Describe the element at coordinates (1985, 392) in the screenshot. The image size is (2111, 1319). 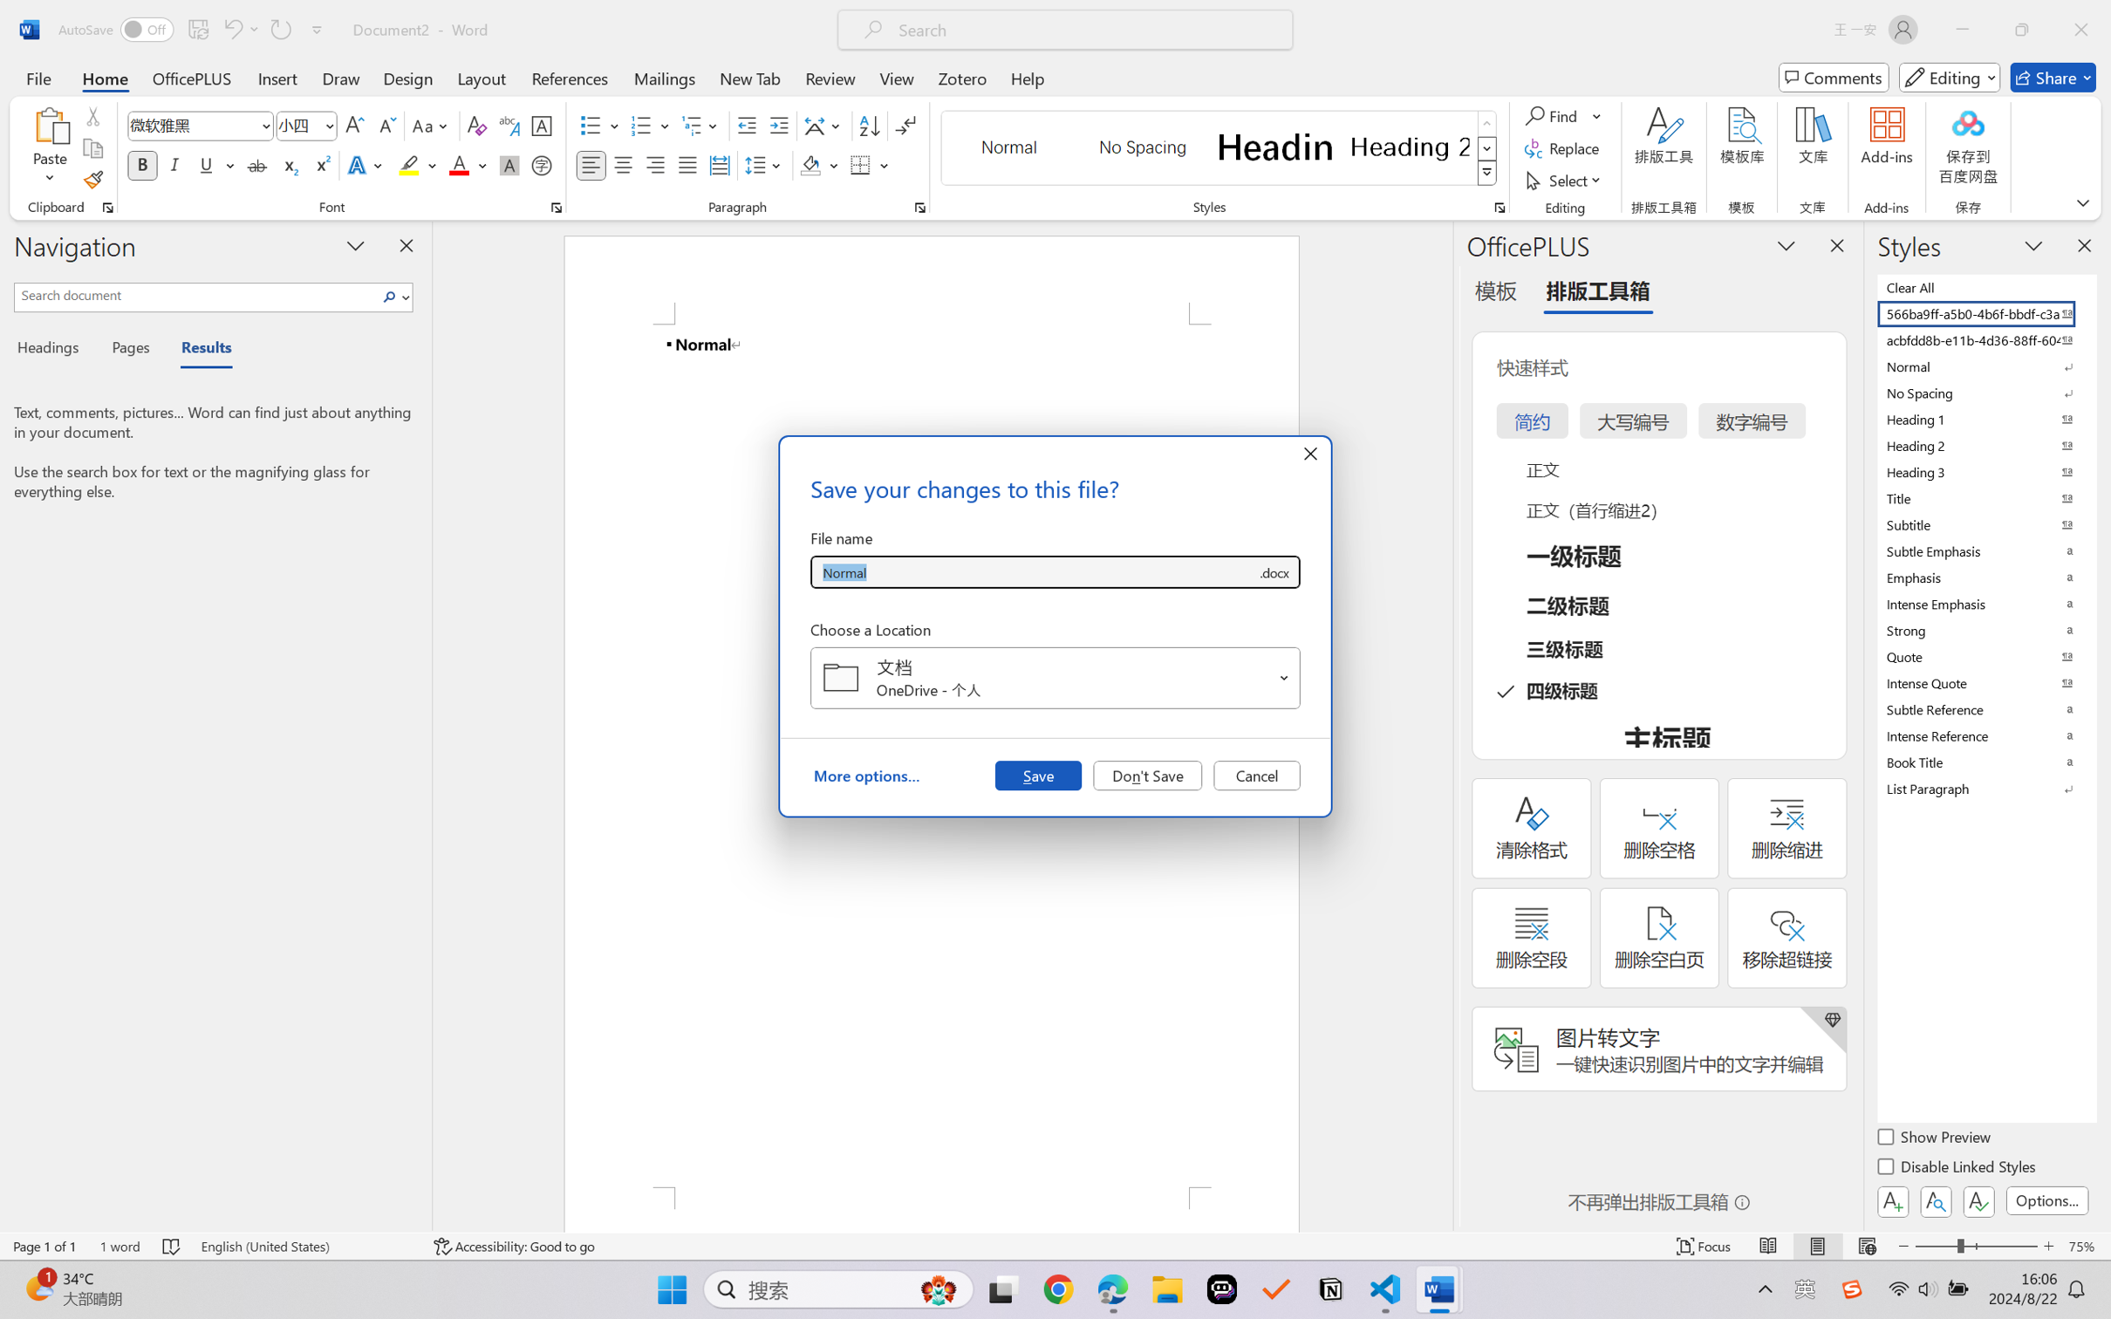
I see `'No Spacing'` at that location.